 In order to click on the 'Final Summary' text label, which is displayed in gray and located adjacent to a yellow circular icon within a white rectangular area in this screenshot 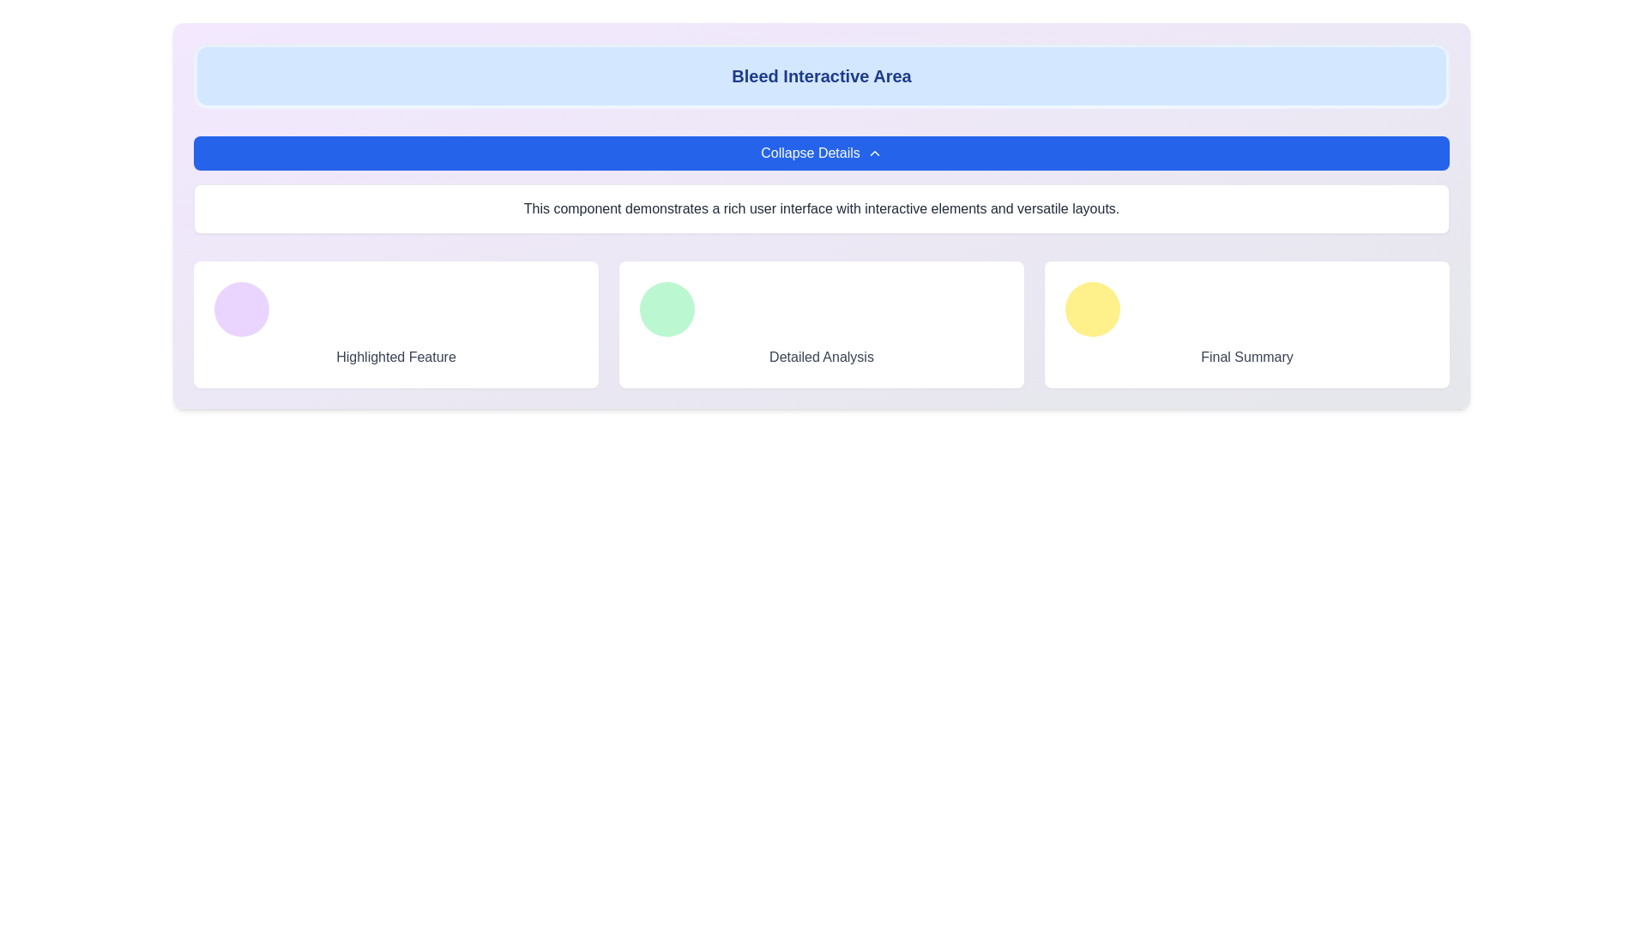, I will do `click(1247, 356)`.